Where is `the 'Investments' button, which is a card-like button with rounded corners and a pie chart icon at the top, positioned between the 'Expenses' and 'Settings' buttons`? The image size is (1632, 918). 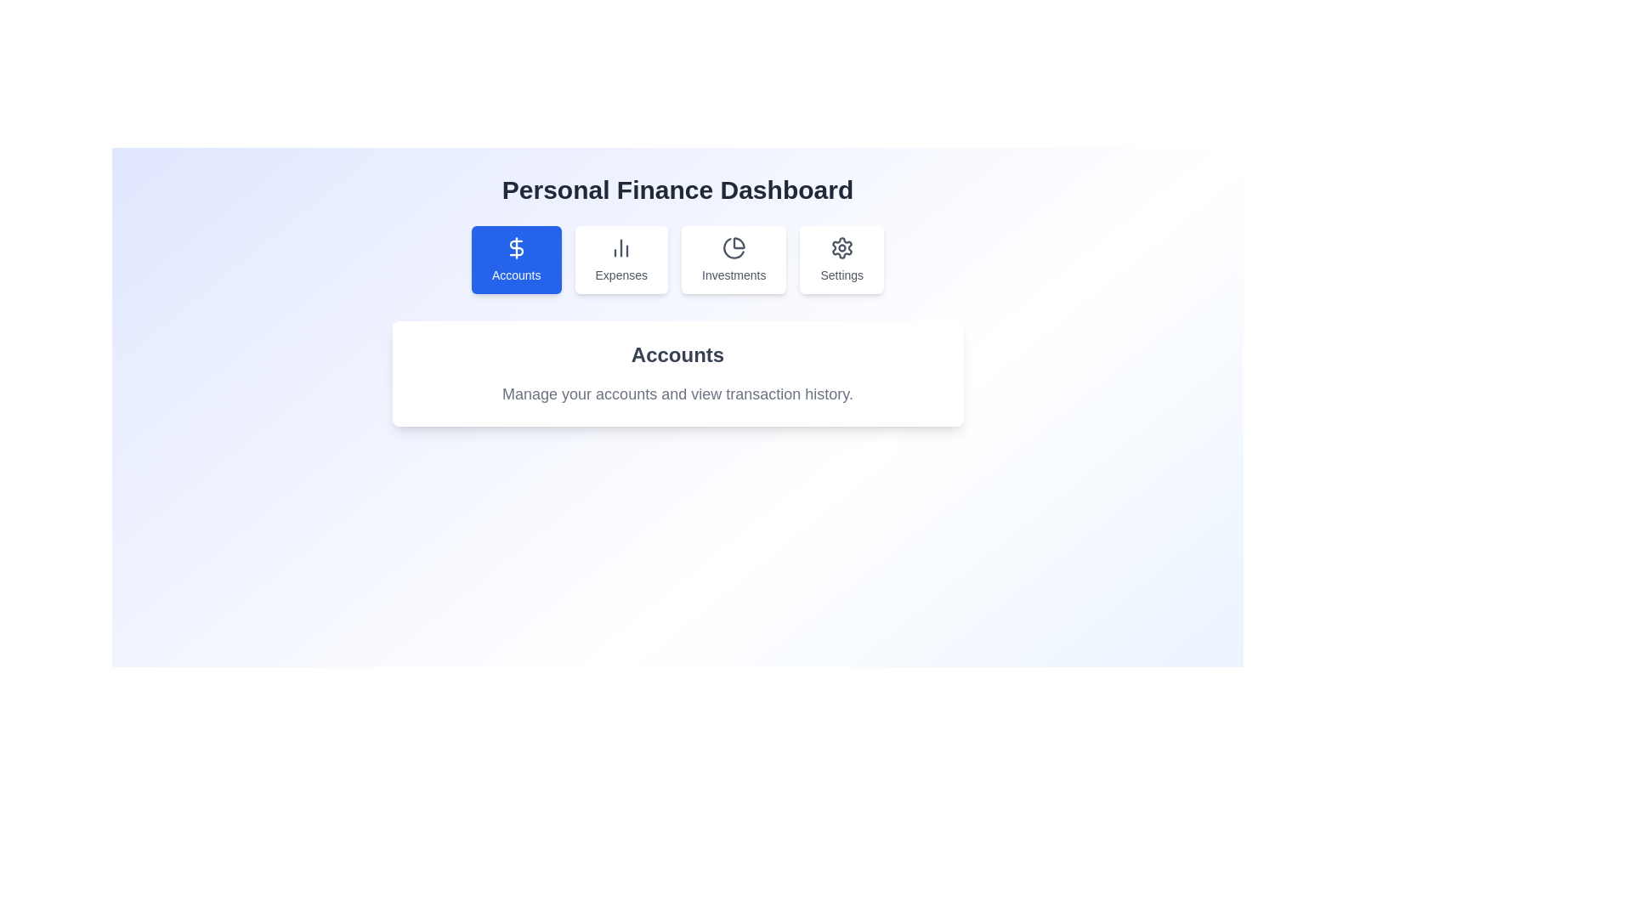
the 'Investments' button, which is a card-like button with rounded corners and a pie chart icon at the top, positioned between the 'Expenses' and 'Settings' buttons is located at coordinates (734, 259).